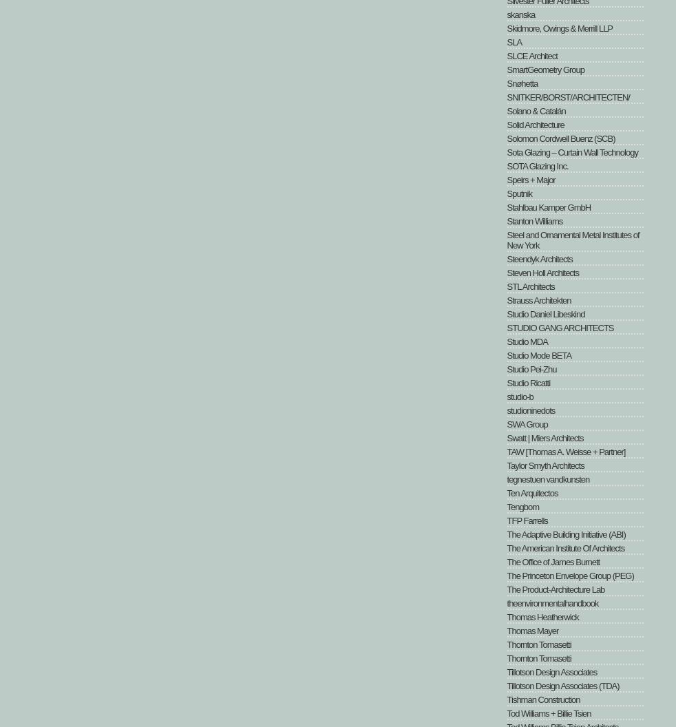  I want to click on 'SWA Group', so click(527, 423).